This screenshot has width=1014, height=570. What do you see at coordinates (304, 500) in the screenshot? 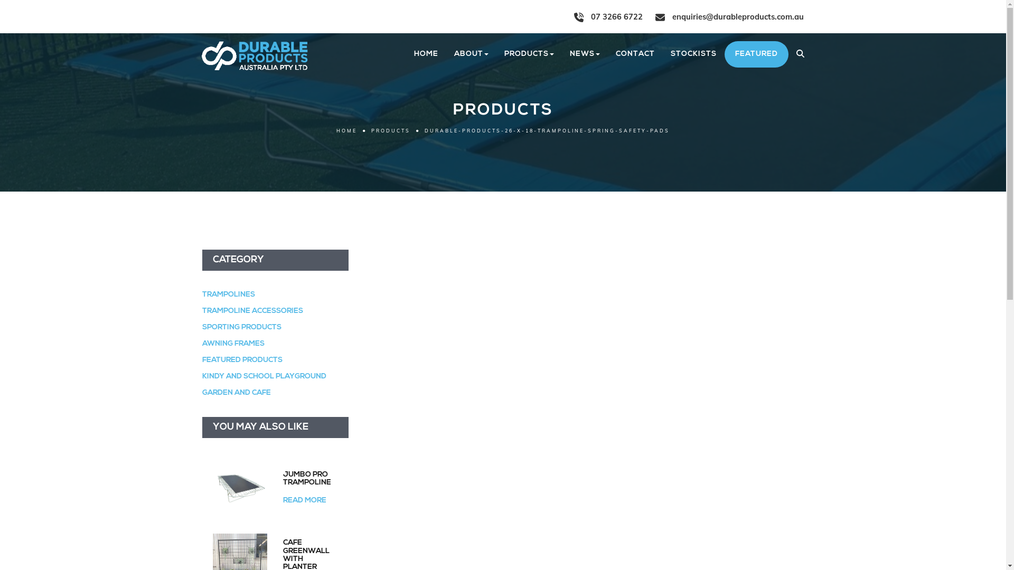
I see `'READ MORE'` at bounding box center [304, 500].